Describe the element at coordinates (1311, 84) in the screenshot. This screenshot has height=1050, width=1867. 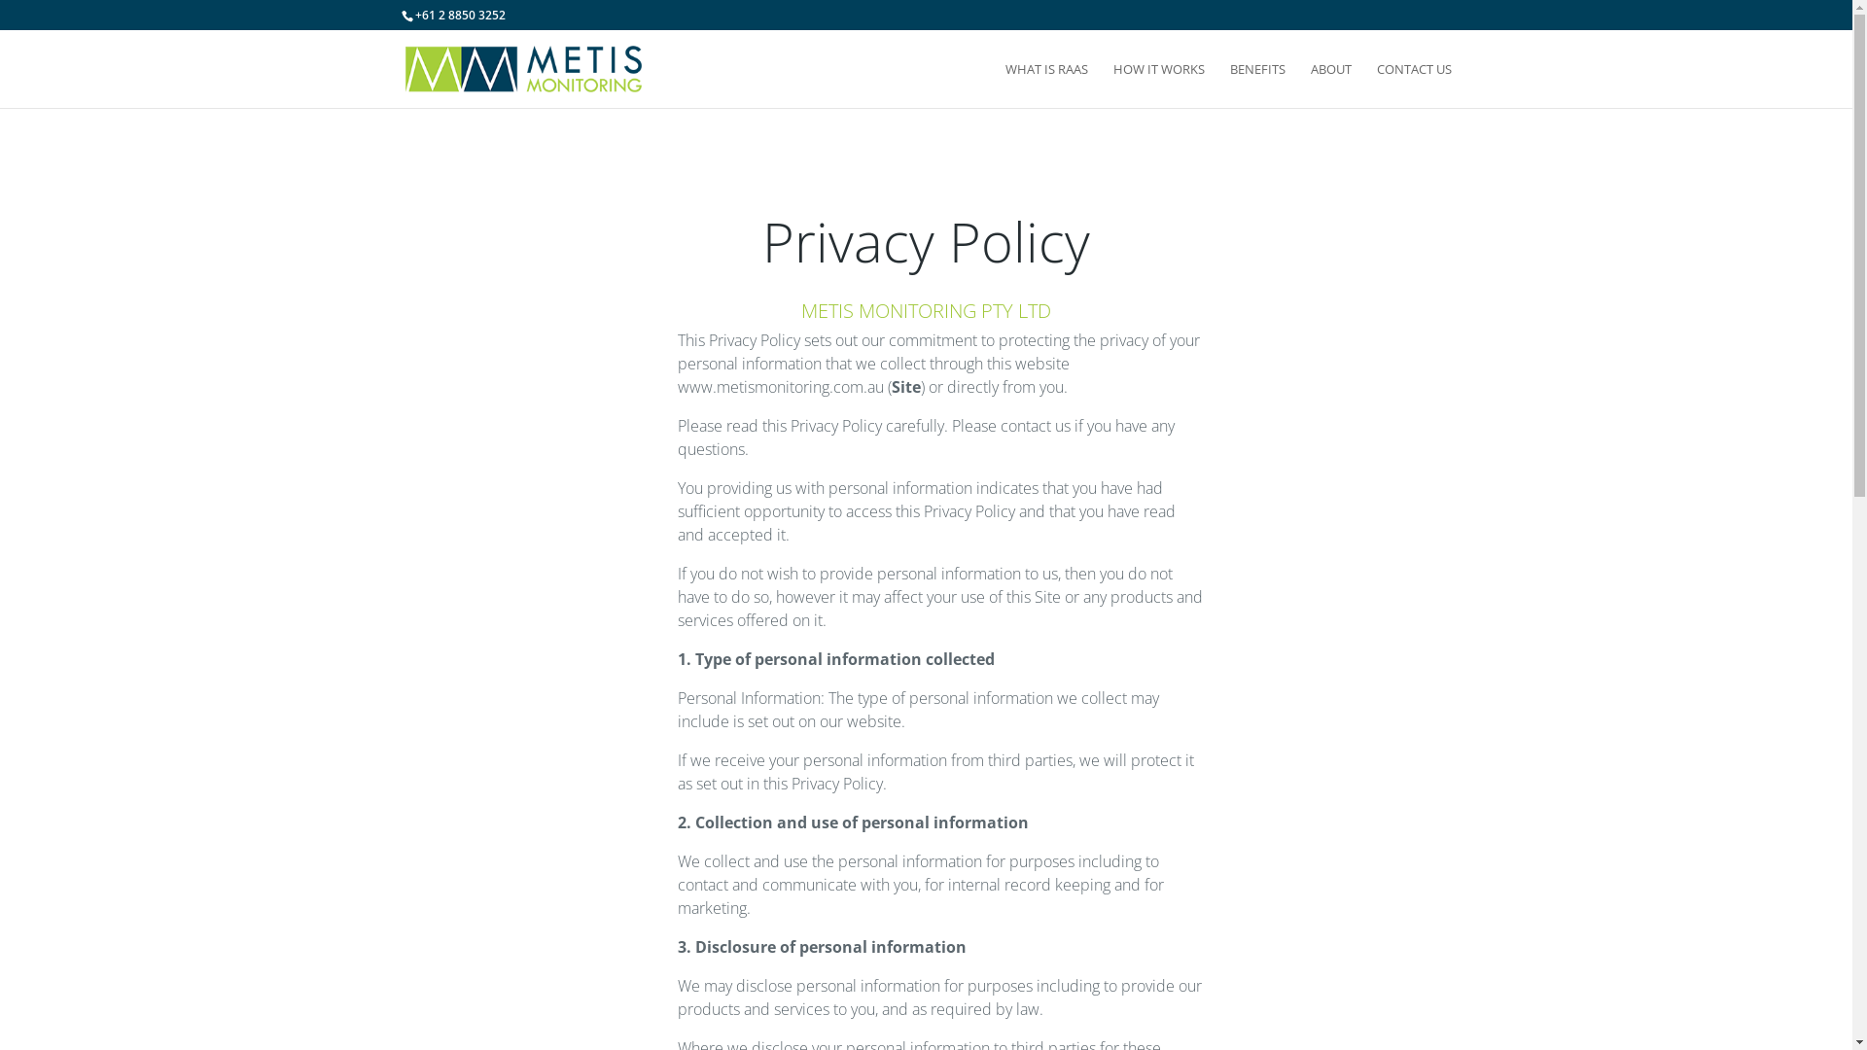
I see `'ABOUT'` at that location.